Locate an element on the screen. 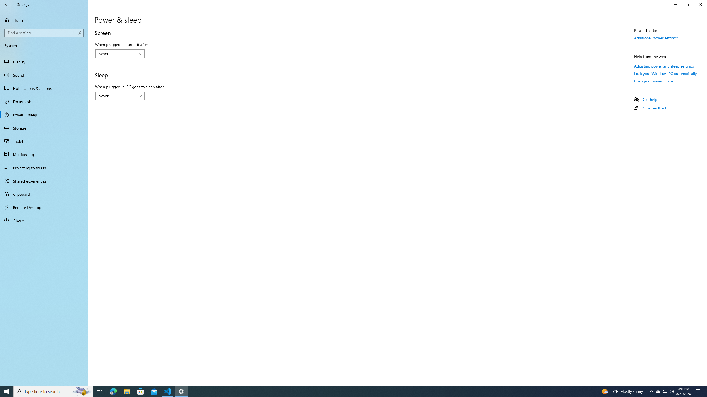  'When plugged in, turn off after' is located at coordinates (119, 54).